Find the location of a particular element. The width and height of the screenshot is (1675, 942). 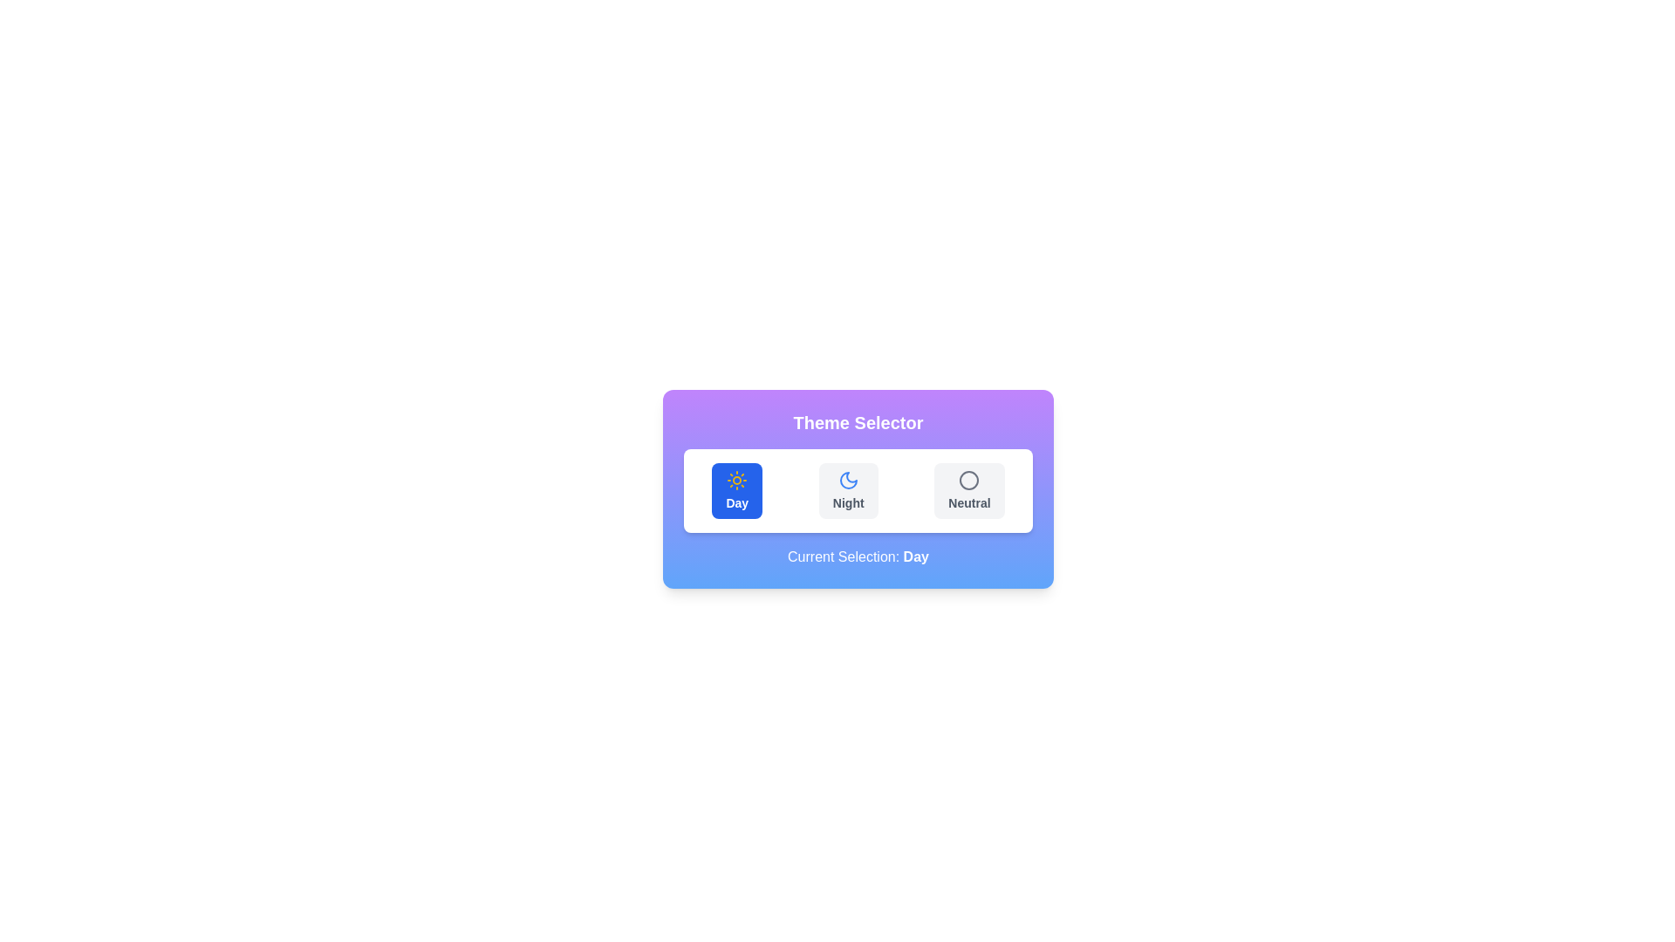

the 'Night' text label which indicates the theme selection for 'Night' mode, located in the middle button of the theme selector UI below a moon icon is located at coordinates (848, 503).